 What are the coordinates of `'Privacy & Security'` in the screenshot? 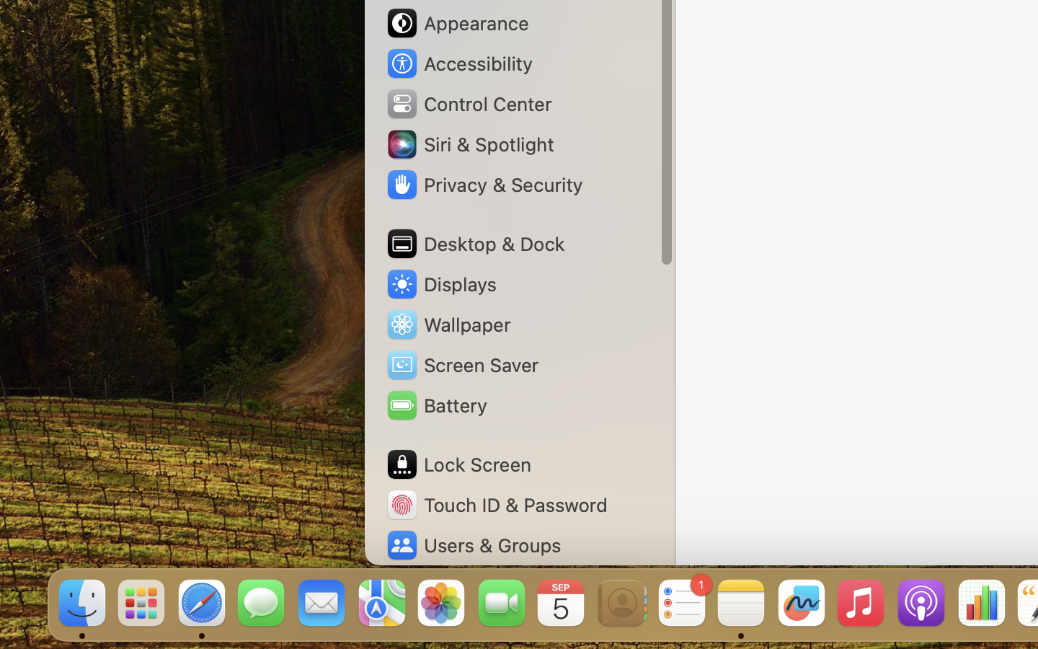 It's located at (484, 183).